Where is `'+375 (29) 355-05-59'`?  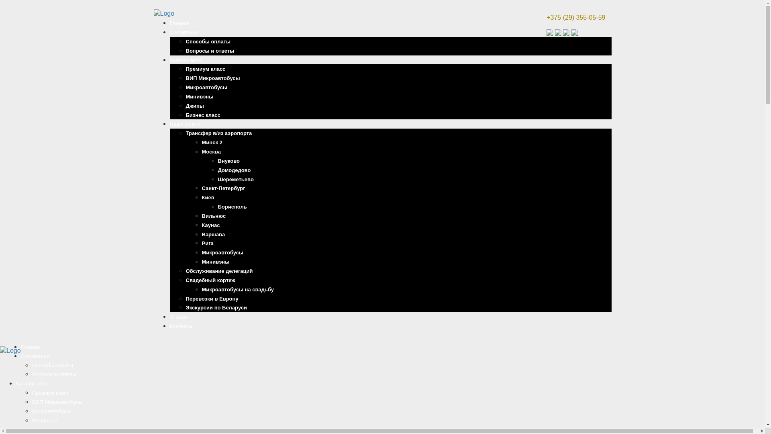 '+375 (29) 355-05-59' is located at coordinates (546, 18).